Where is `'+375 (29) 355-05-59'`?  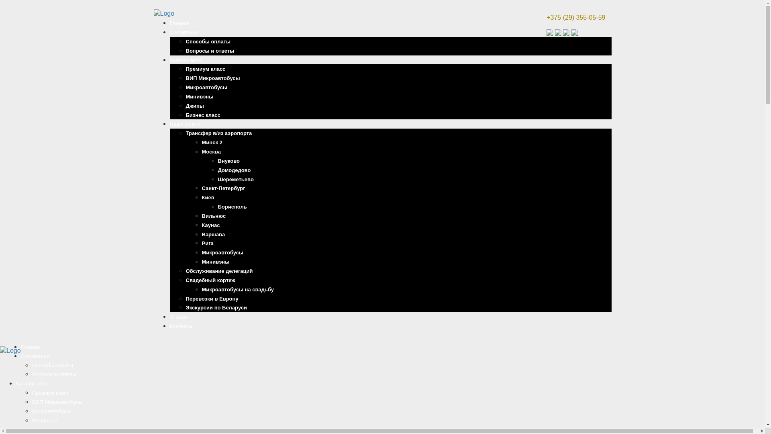 '+375 (29) 355-05-59' is located at coordinates (546, 18).